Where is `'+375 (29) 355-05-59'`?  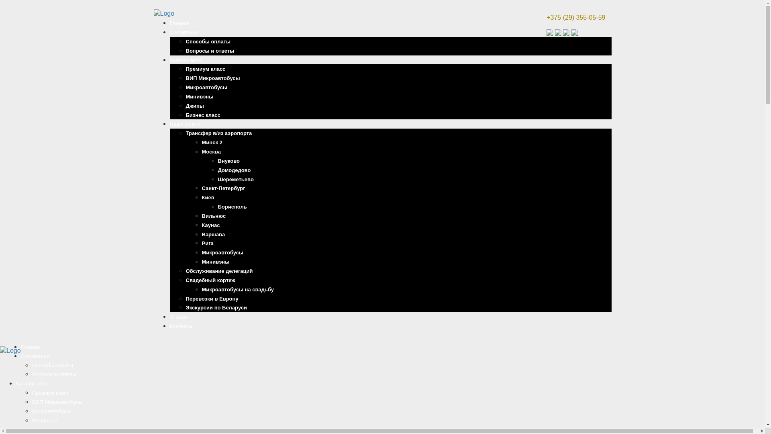 '+375 (29) 355-05-59' is located at coordinates (546, 18).